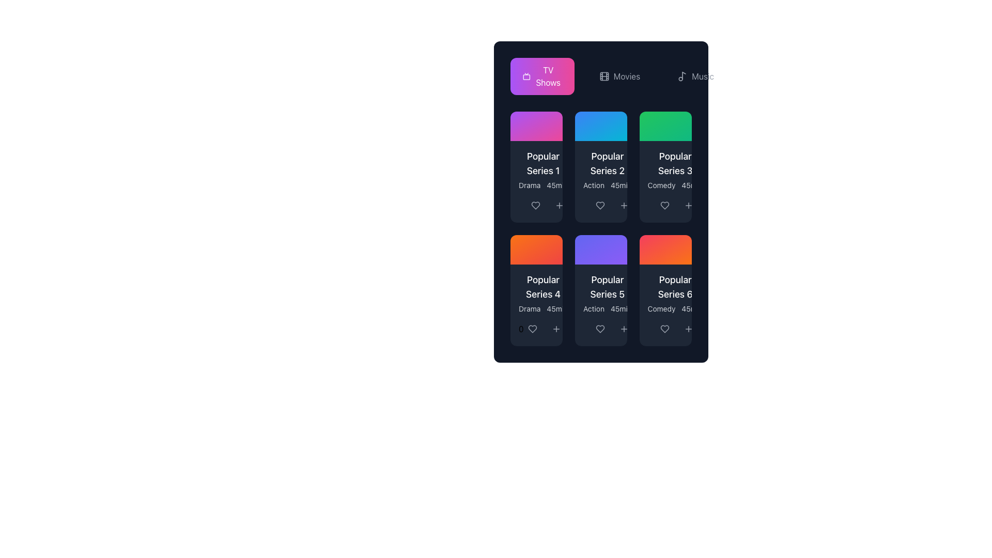 This screenshot has width=992, height=558. I want to click on the heart-shaped icon located in the fourth card of the grid layout to express a 'like' or 'favorite' action, so click(532, 329).